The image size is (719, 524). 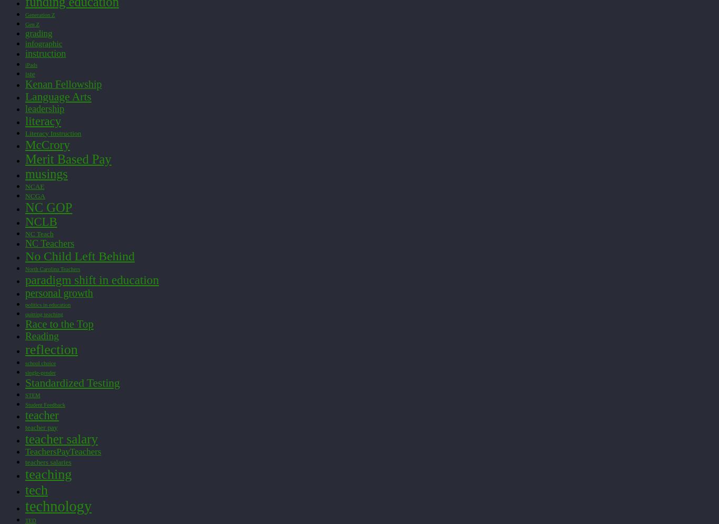 What do you see at coordinates (61, 438) in the screenshot?
I see `'teacher salary'` at bounding box center [61, 438].